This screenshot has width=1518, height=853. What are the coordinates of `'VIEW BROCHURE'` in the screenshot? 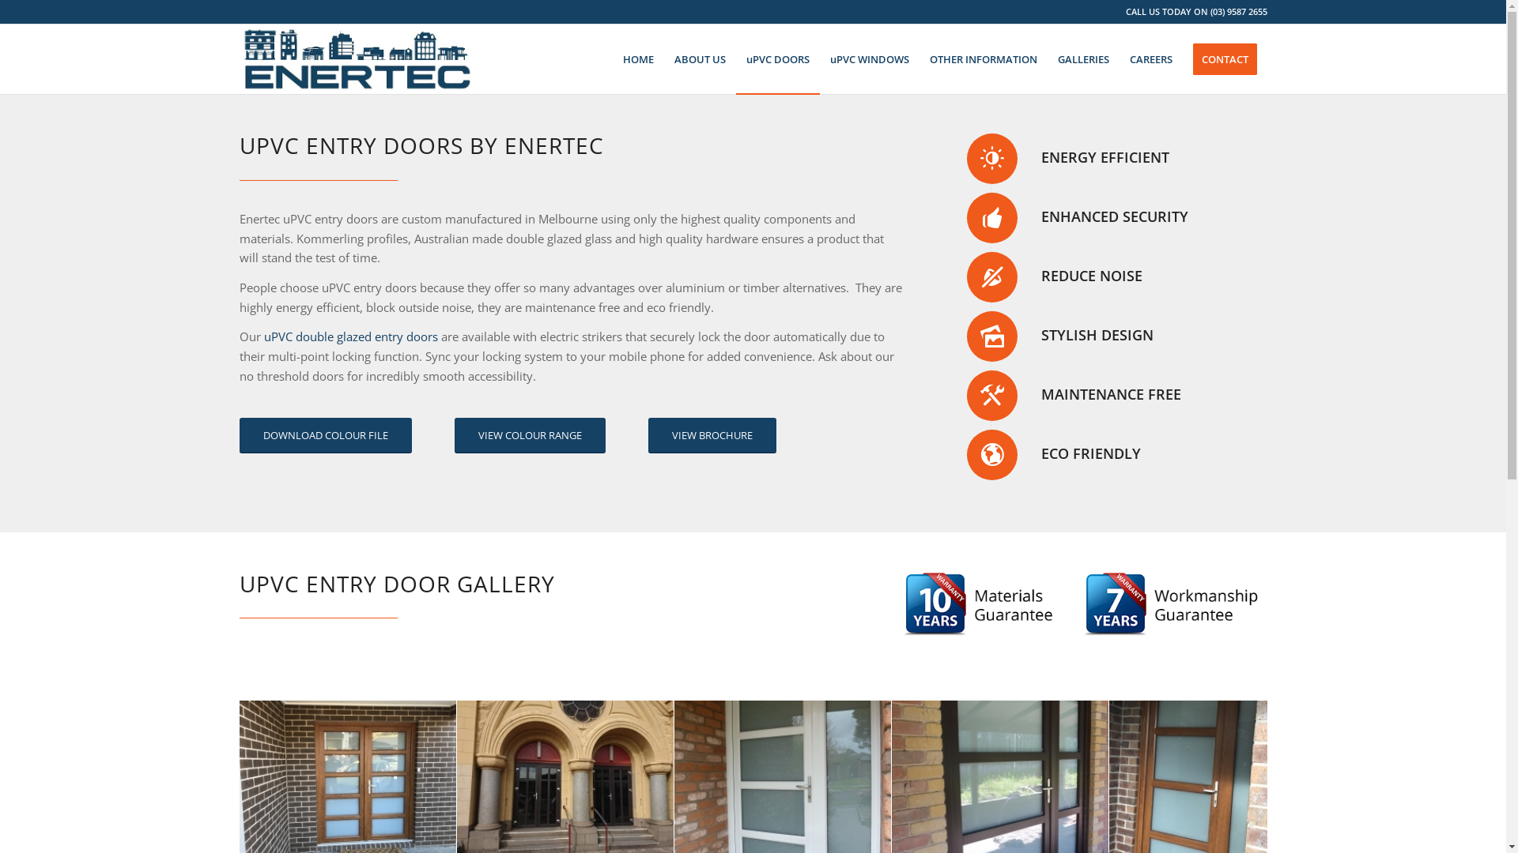 It's located at (712, 435).